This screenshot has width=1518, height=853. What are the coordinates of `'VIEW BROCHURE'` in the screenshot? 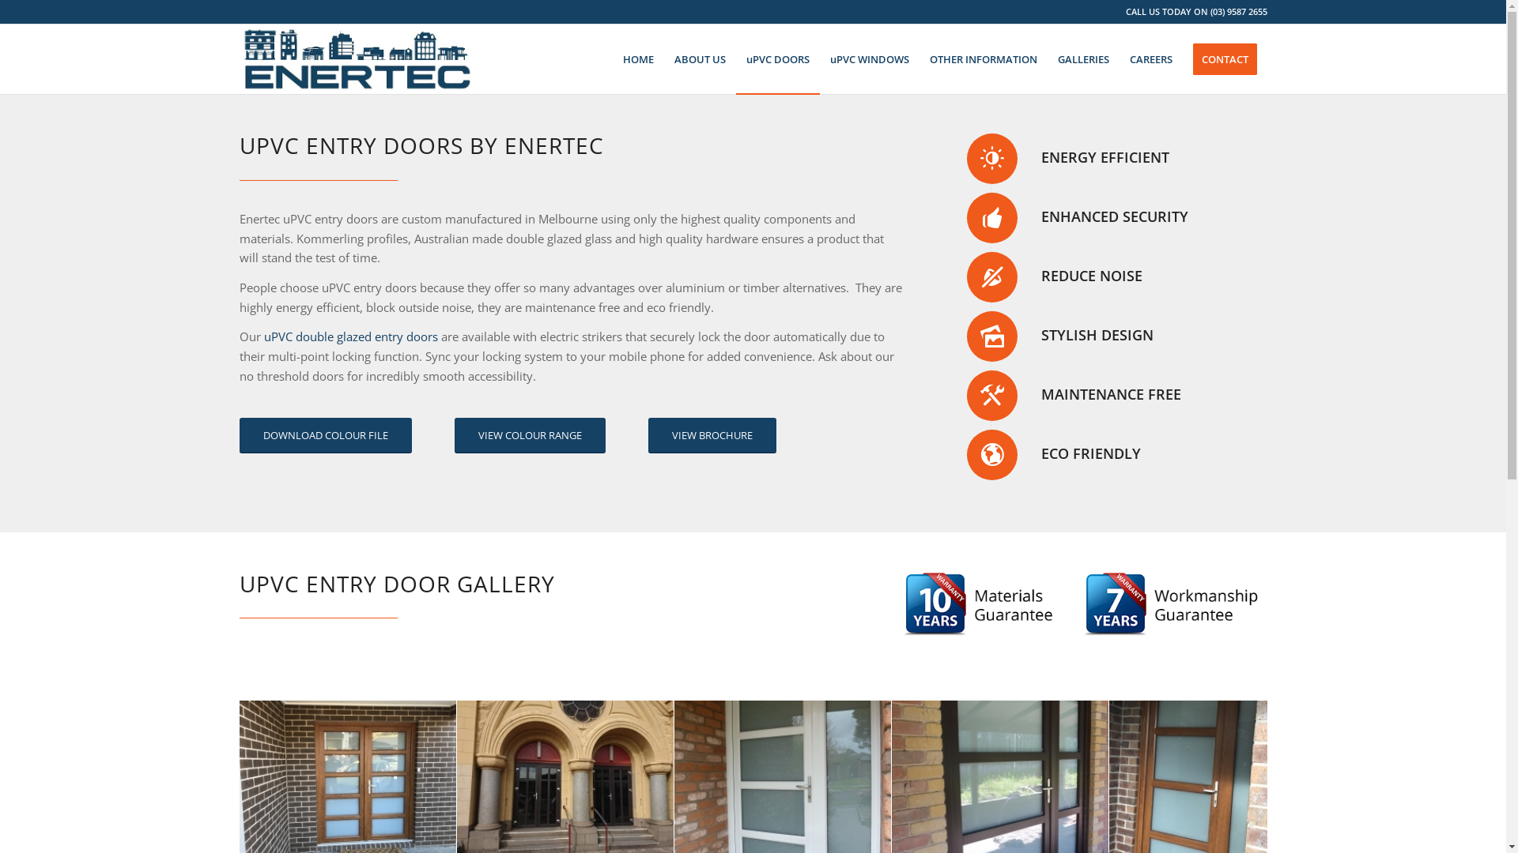 It's located at (712, 435).